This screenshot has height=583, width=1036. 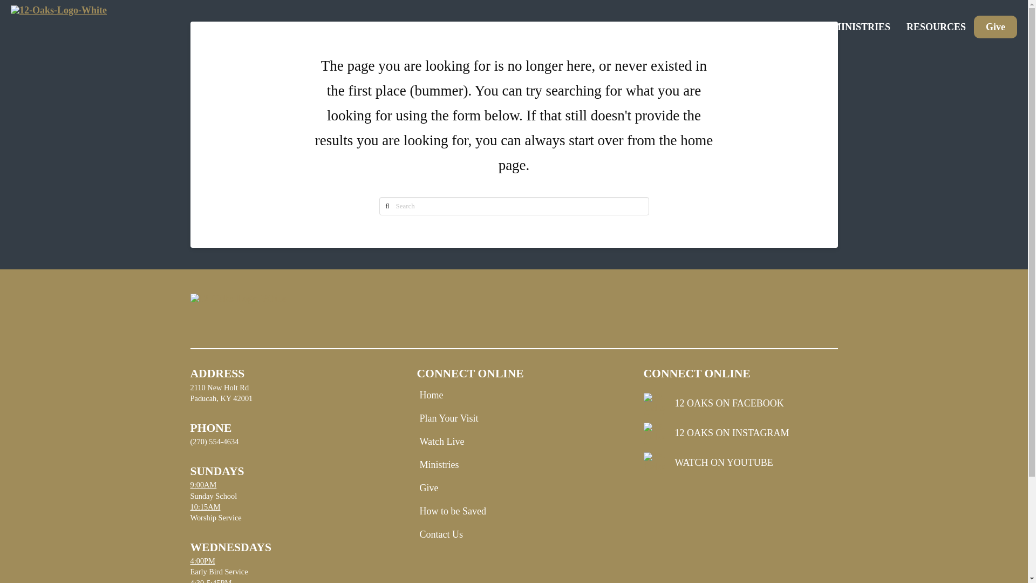 What do you see at coordinates (710, 26) in the screenshot?
I see `'WEEKLY GATHERINGS'` at bounding box center [710, 26].